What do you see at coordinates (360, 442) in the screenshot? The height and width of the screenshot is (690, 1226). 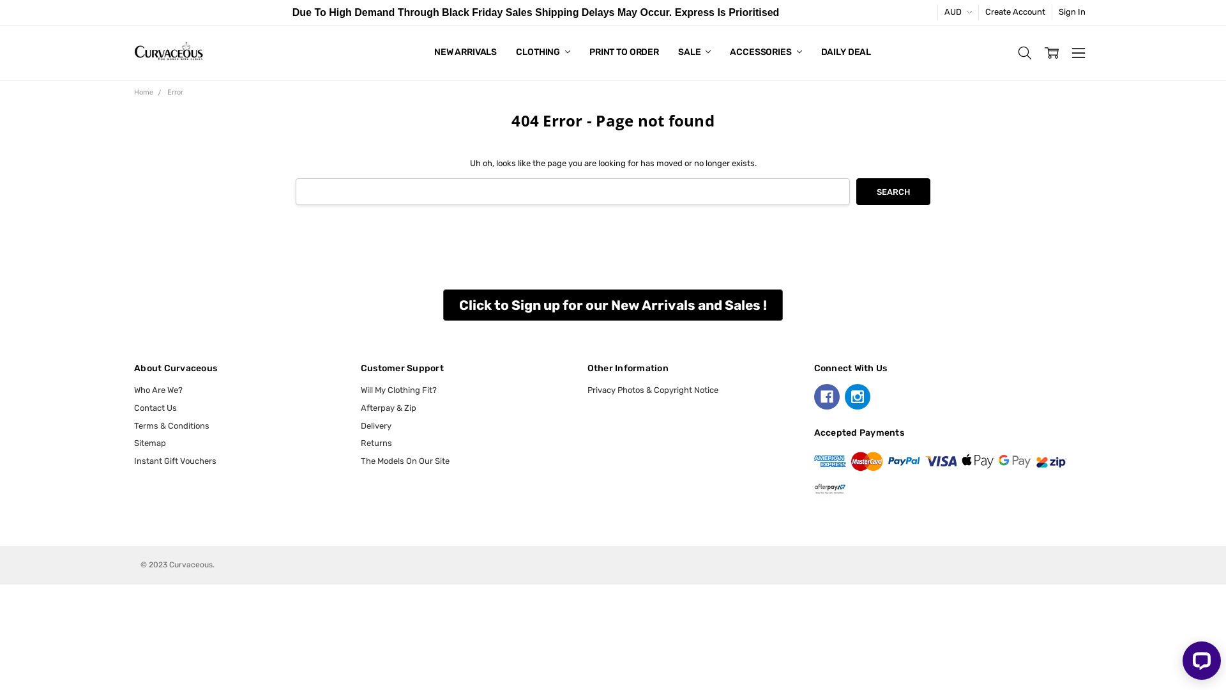 I see `'Returns'` at bounding box center [360, 442].